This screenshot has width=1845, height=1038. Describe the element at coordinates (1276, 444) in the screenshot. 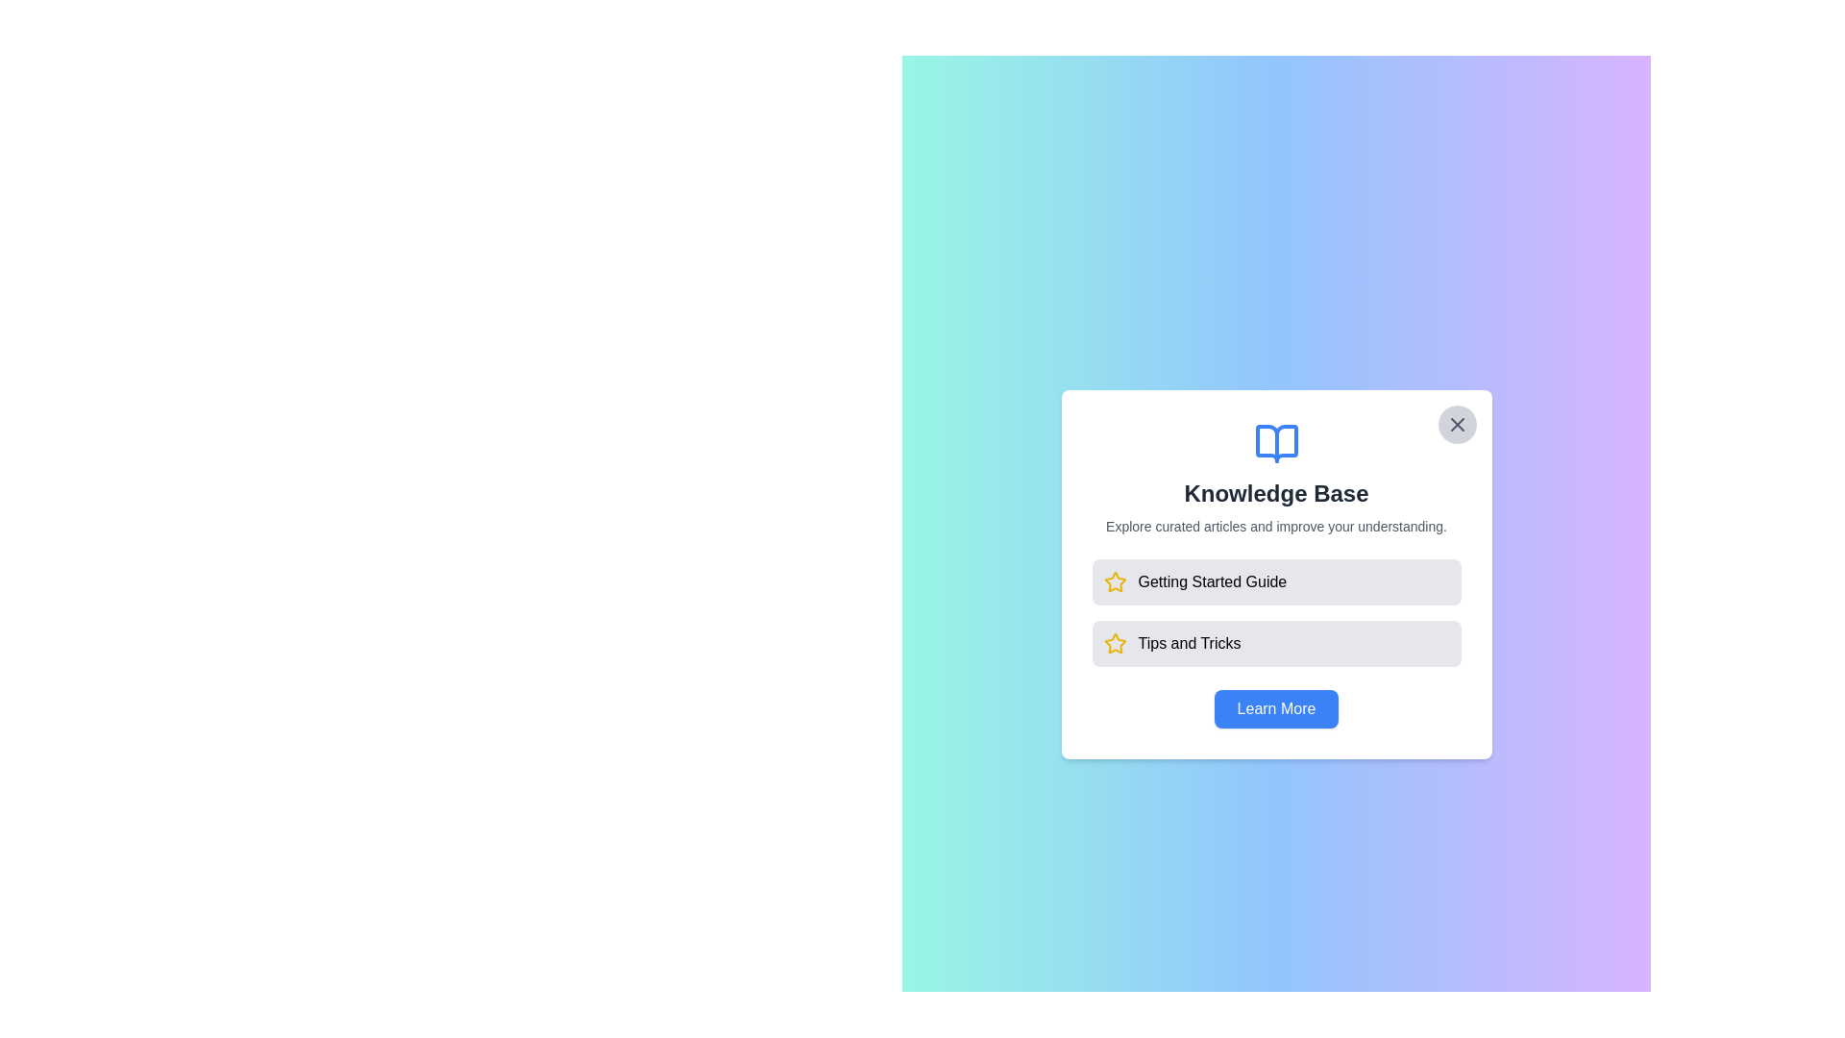

I see `the educational icon located above the 'Knowledge Base' title within the card layout` at that location.